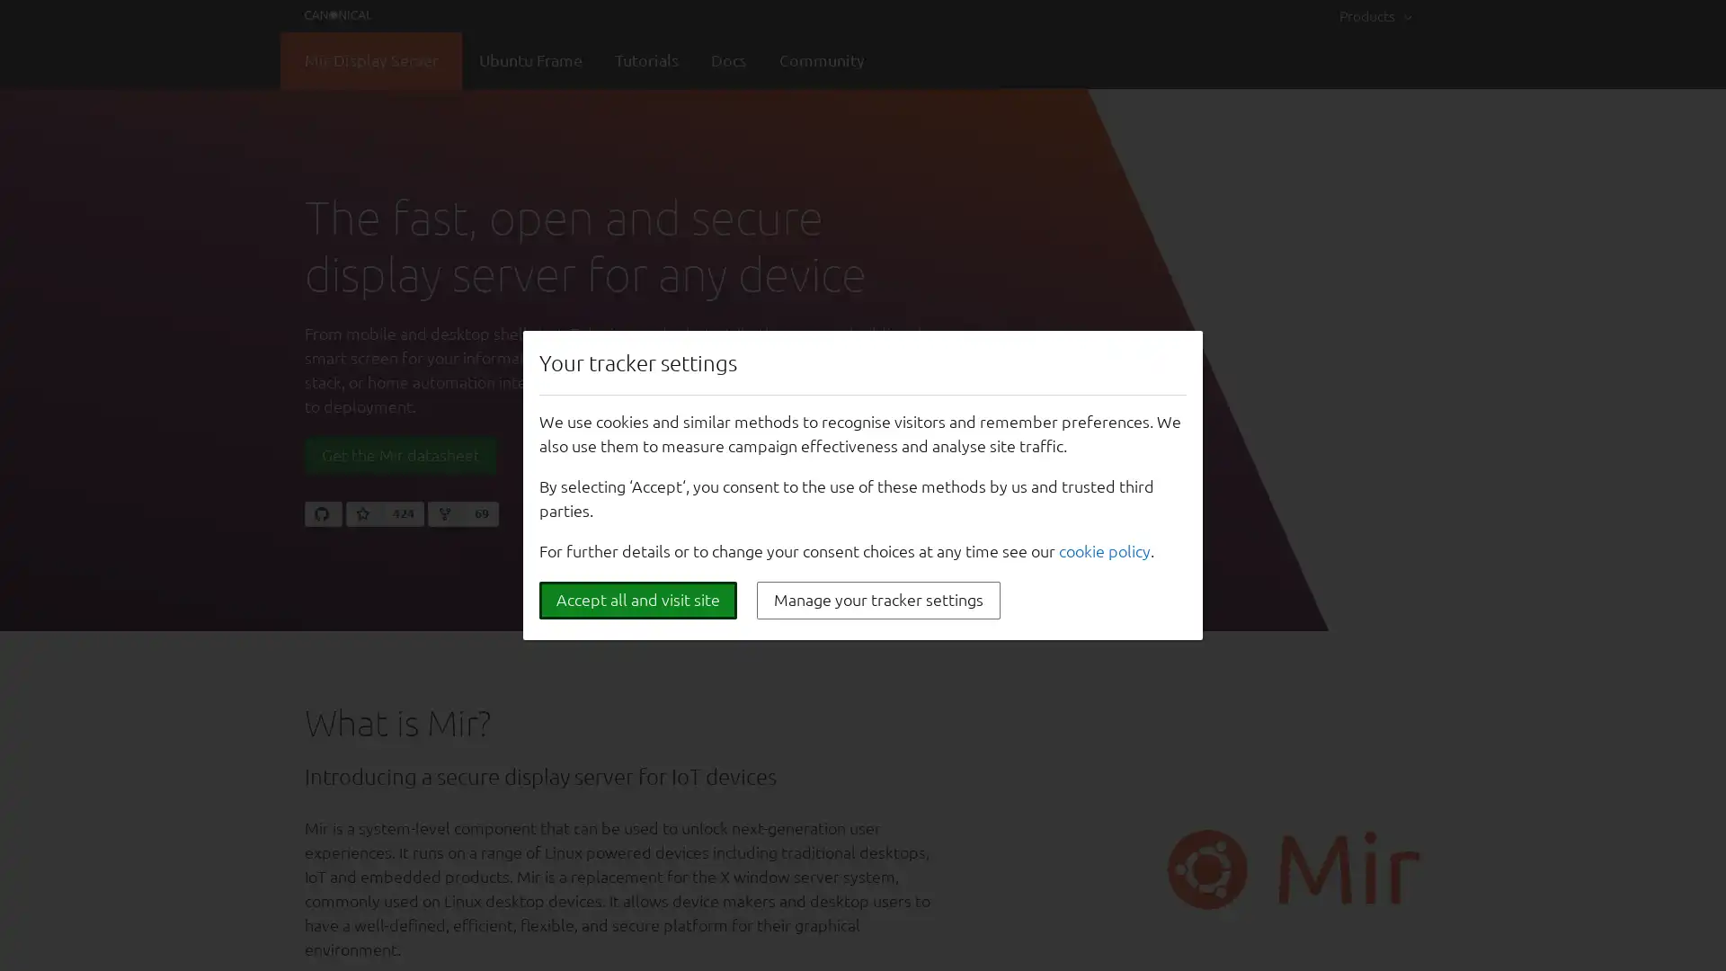 This screenshot has width=1726, height=971. What do you see at coordinates (638, 600) in the screenshot?
I see `Accept all and visit site` at bounding box center [638, 600].